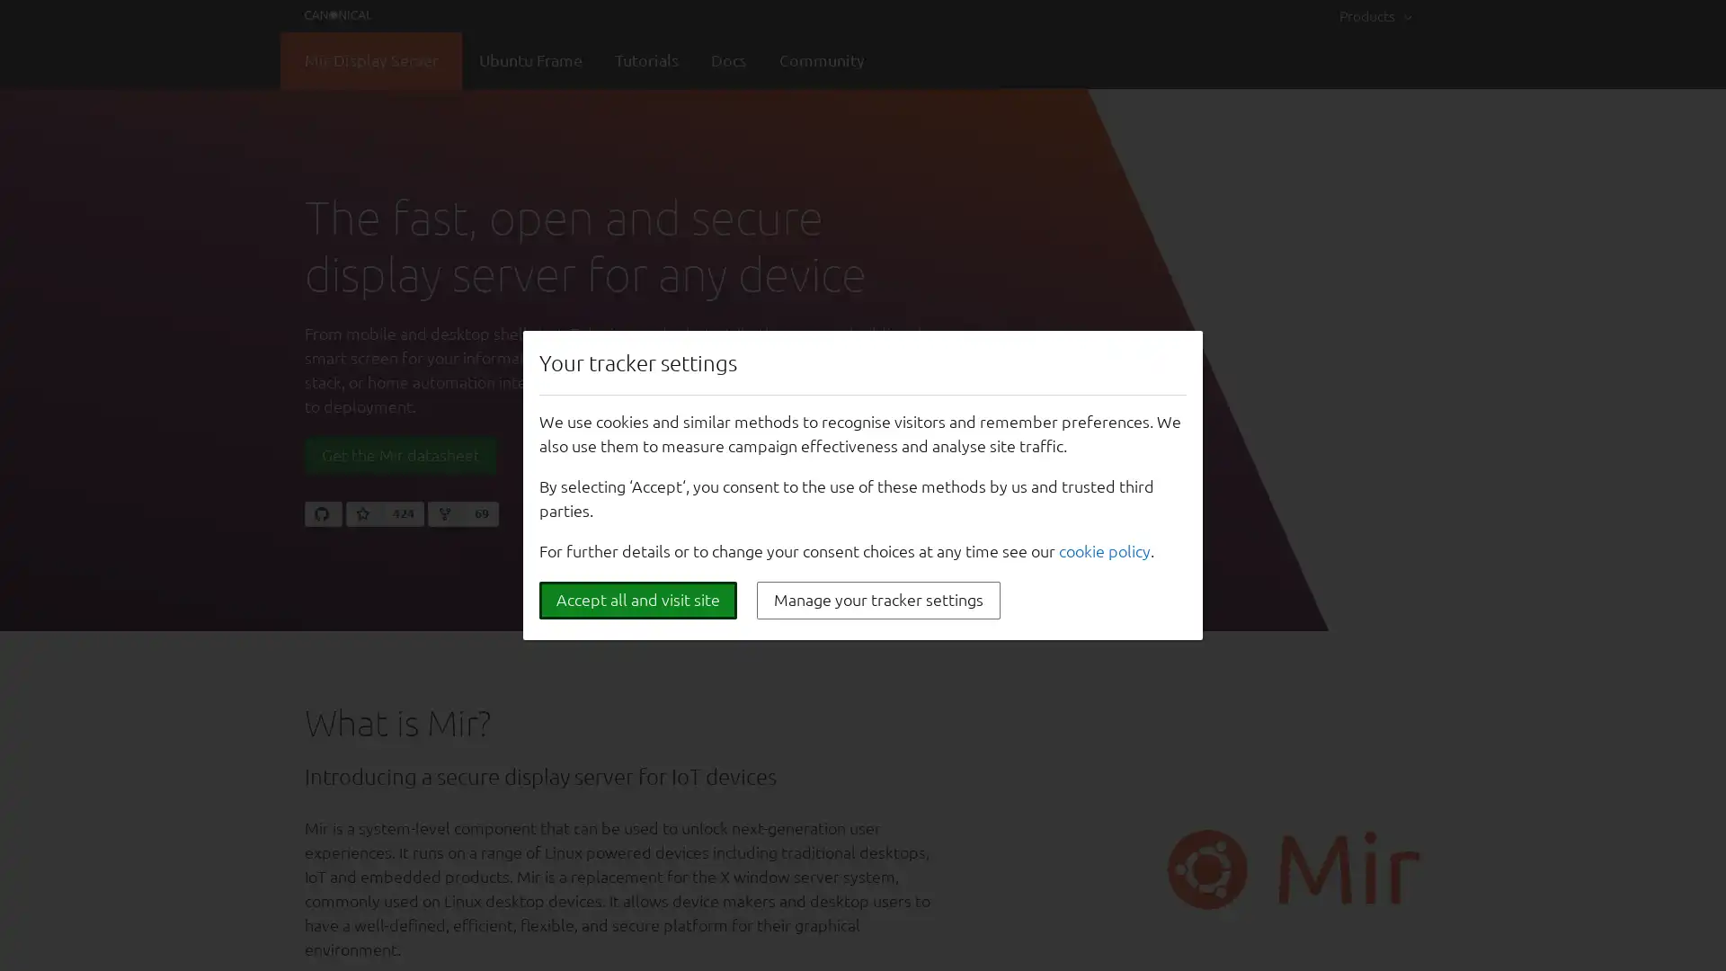 This screenshot has width=1726, height=971. What do you see at coordinates (638, 600) in the screenshot?
I see `Accept all and visit site` at bounding box center [638, 600].